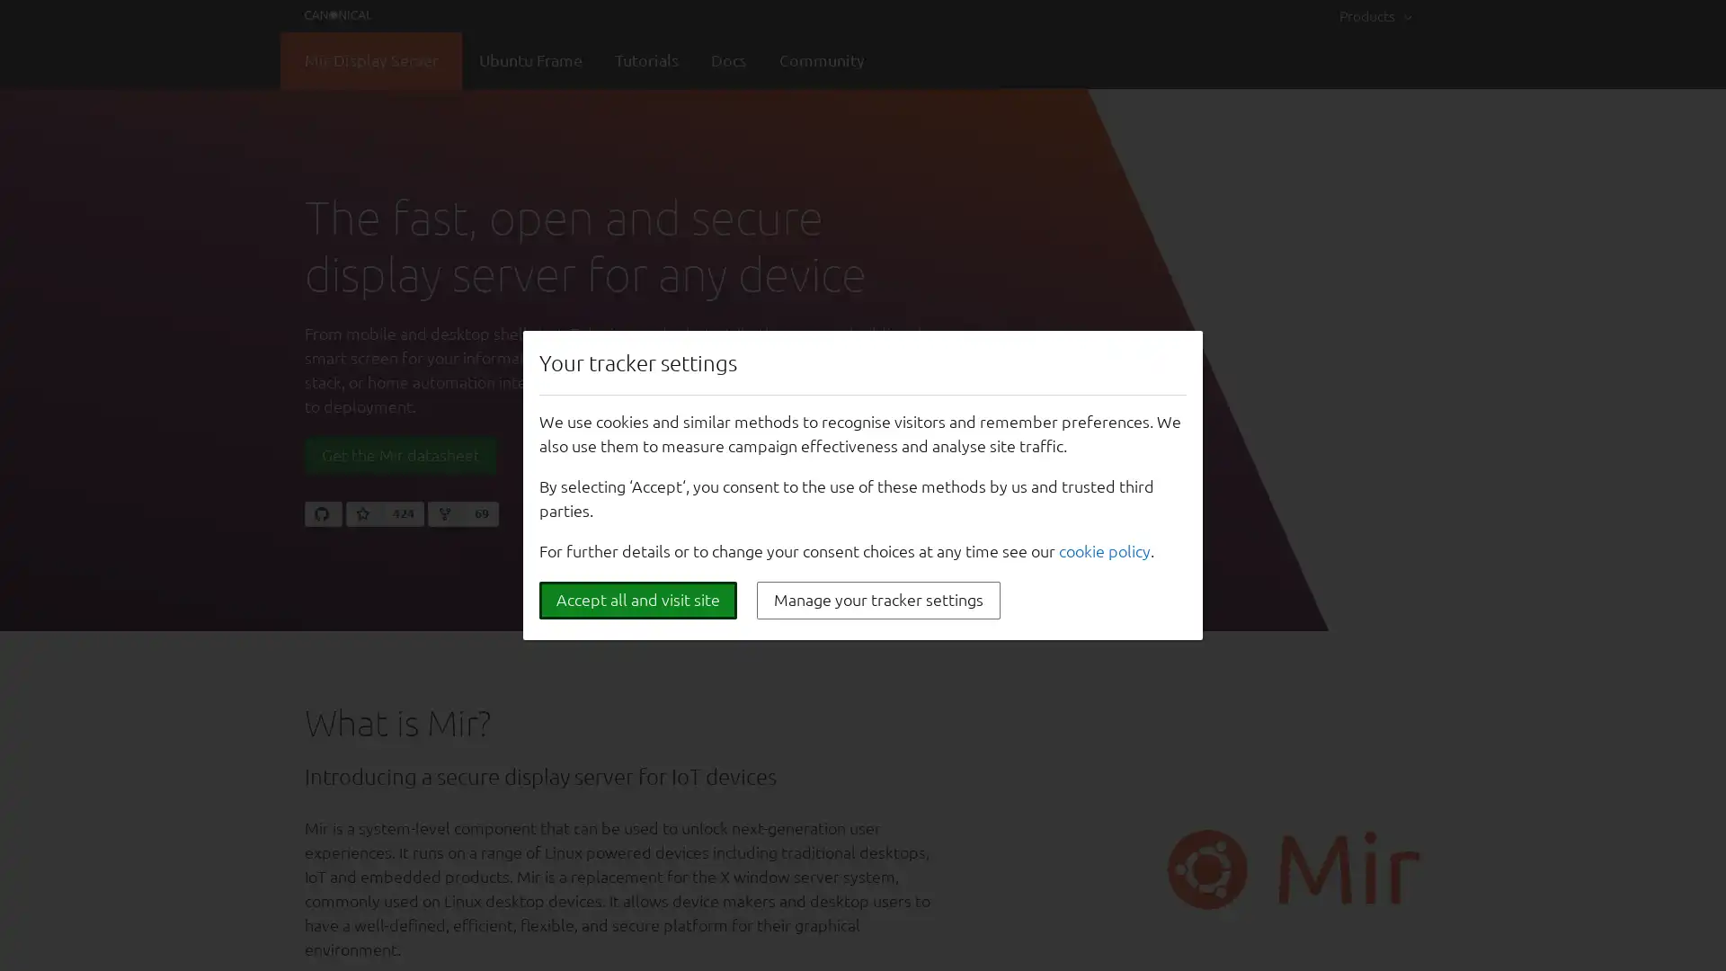 This screenshot has width=1726, height=971. What do you see at coordinates (638, 600) in the screenshot?
I see `Accept all and visit site` at bounding box center [638, 600].